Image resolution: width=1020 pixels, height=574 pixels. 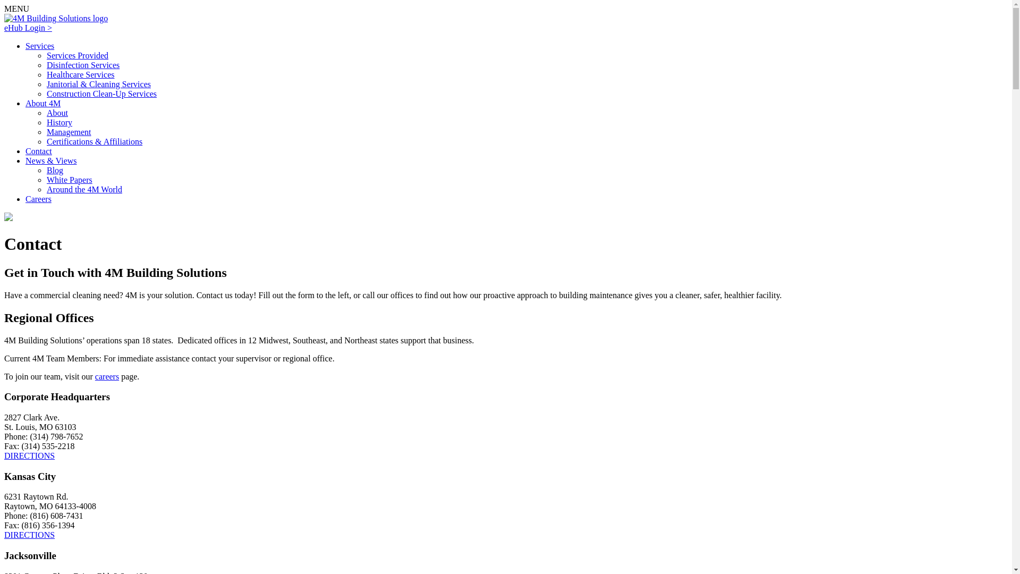 What do you see at coordinates (54, 170) in the screenshot?
I see `'Blog'` at bounding box center [54, 170].